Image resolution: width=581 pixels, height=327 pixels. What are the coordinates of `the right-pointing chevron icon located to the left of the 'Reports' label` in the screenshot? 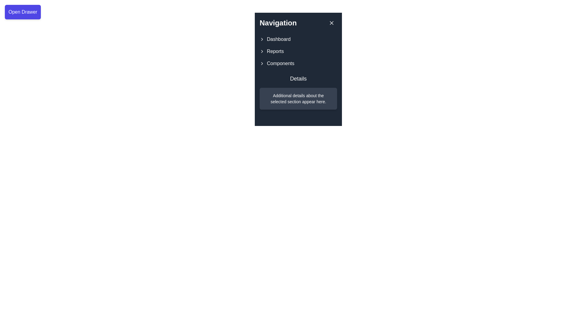 It's located at (262, 51).